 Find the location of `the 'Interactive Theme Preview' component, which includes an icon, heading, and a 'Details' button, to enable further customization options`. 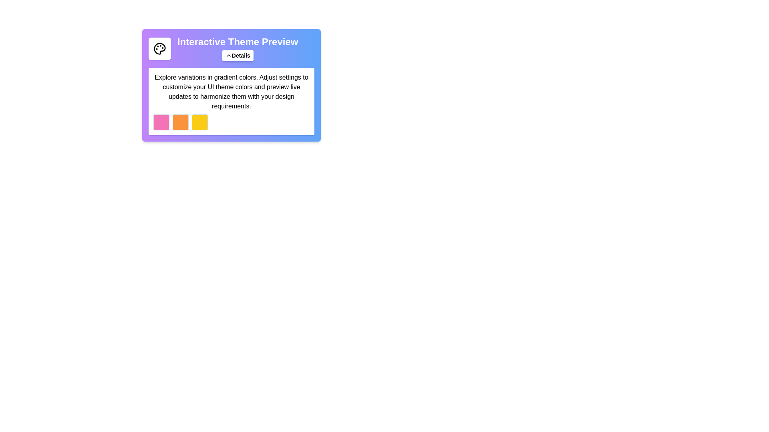

the 'Interactive Theme Preview' component, which includes an icon, heading, and a 'Details' button, to enable further customization options is located at coordinates (231, 48).